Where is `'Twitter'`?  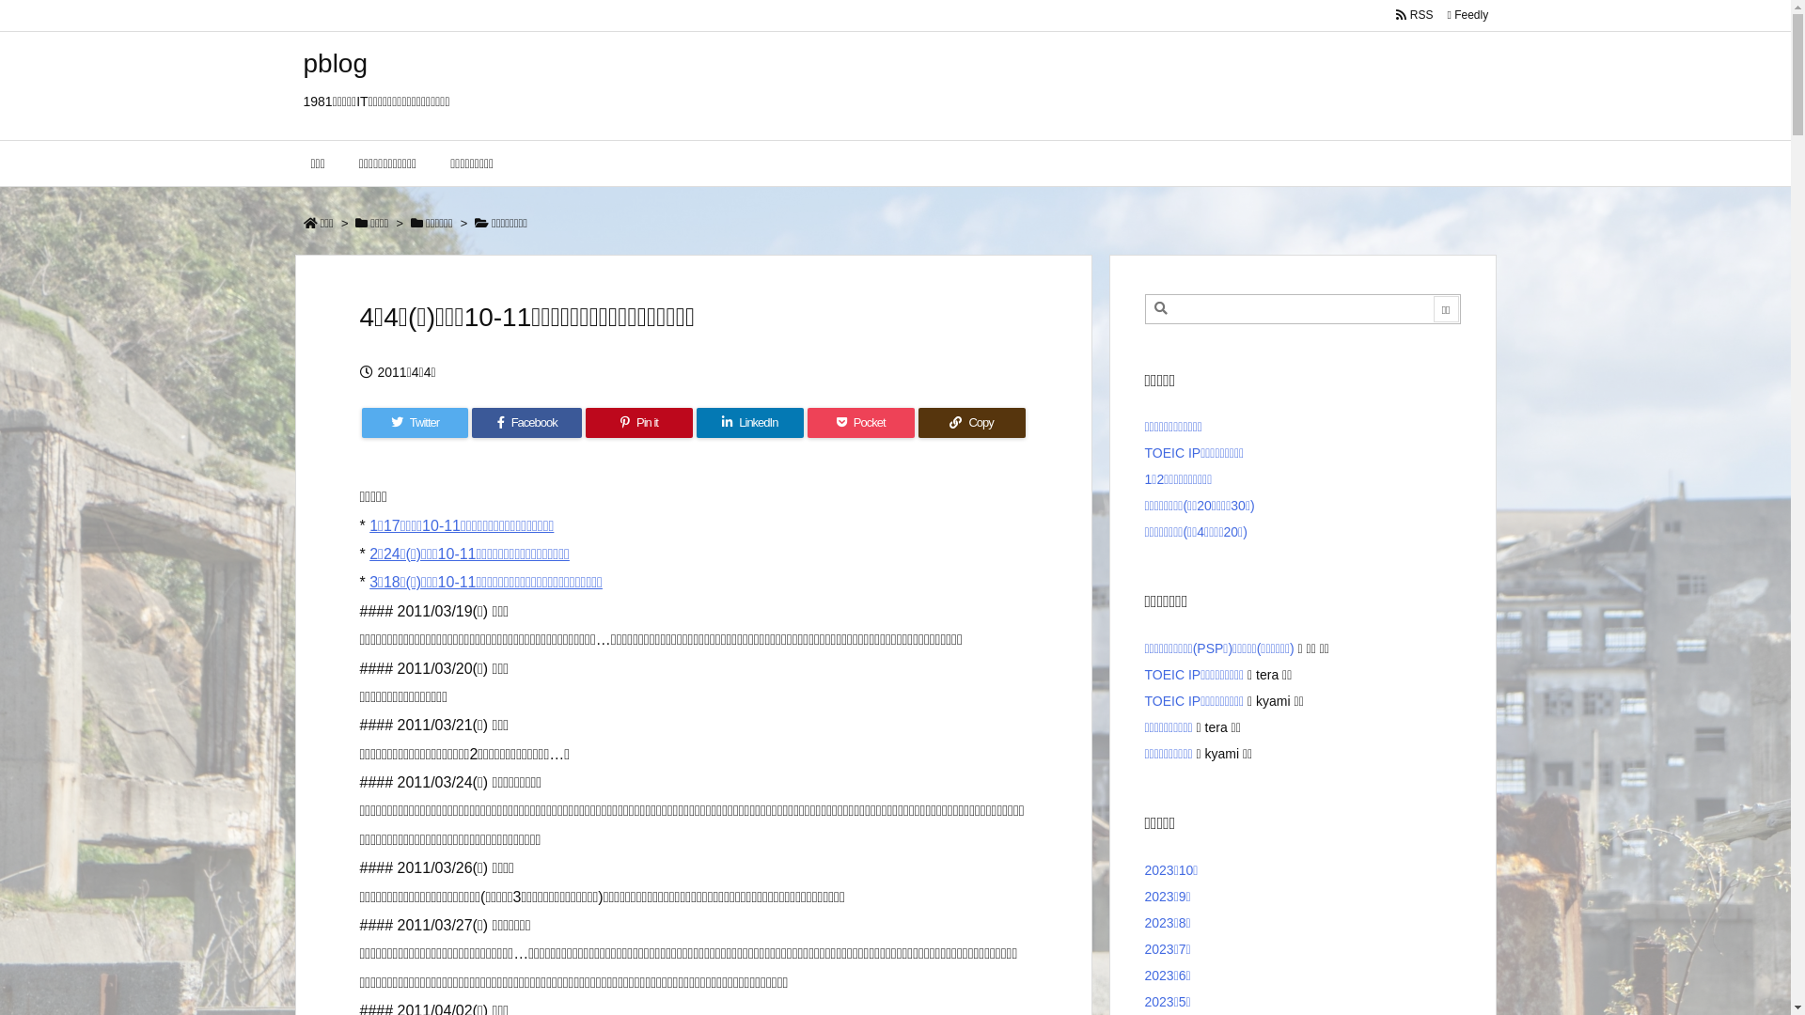 'Twitter' is located at coordinates (361, 423).